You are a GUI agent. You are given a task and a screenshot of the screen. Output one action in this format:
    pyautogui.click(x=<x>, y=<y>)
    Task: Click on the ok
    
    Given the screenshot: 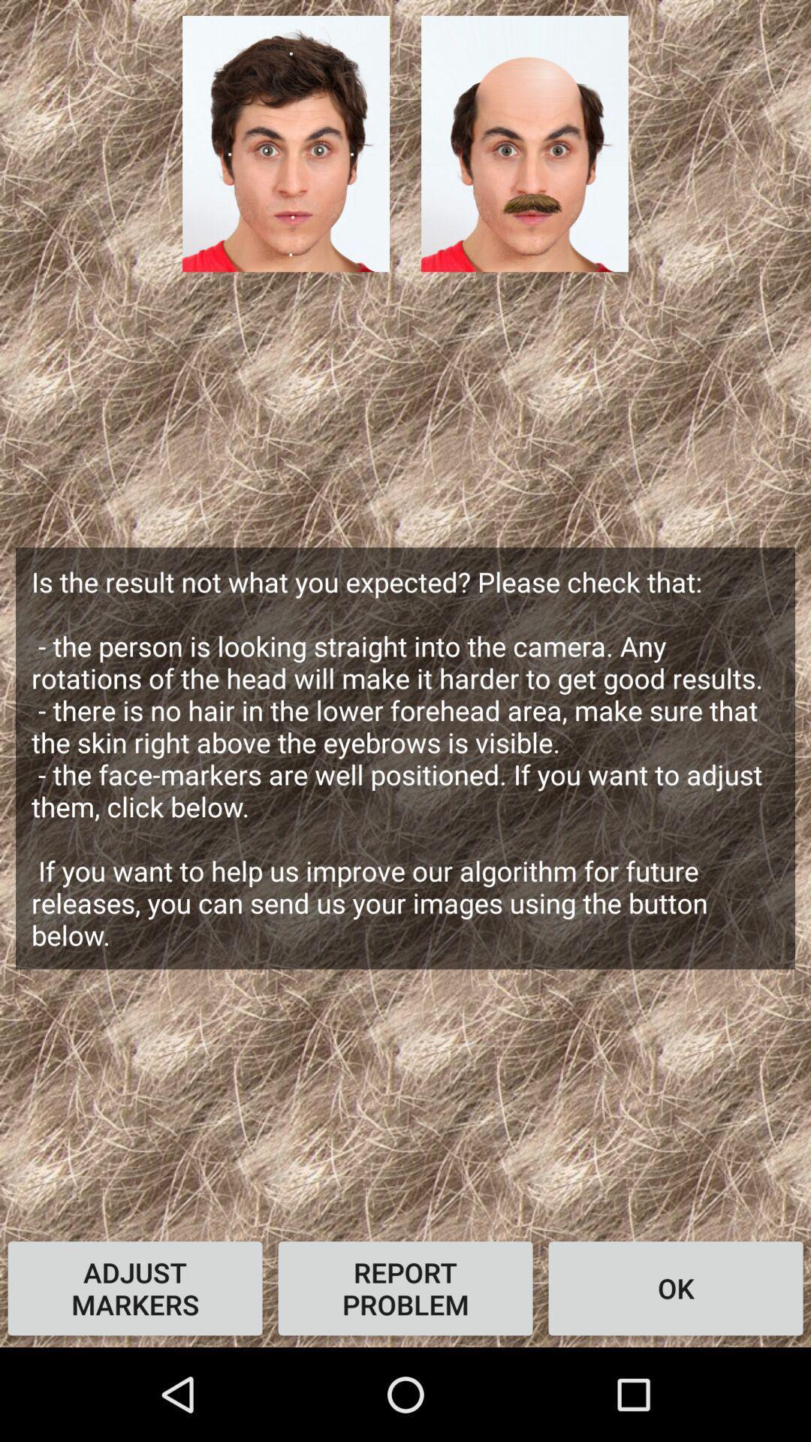 What is the action you would take?
    pyautogui.click(x=674, y=1287)
    